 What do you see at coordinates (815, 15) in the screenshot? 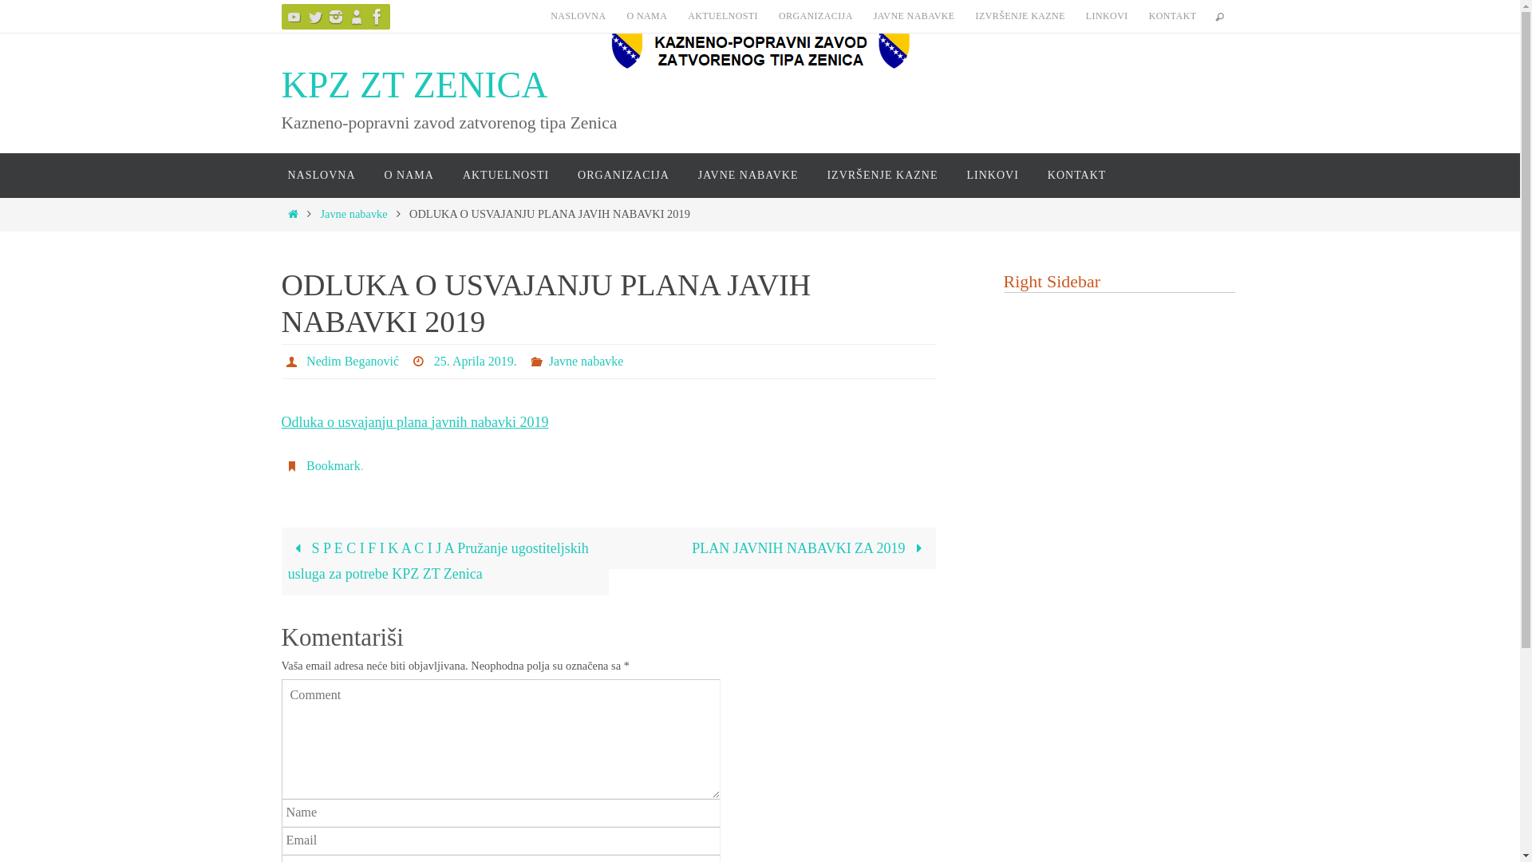
I see `'ORGANIZACIJA'` at bounding box center [815, 15].